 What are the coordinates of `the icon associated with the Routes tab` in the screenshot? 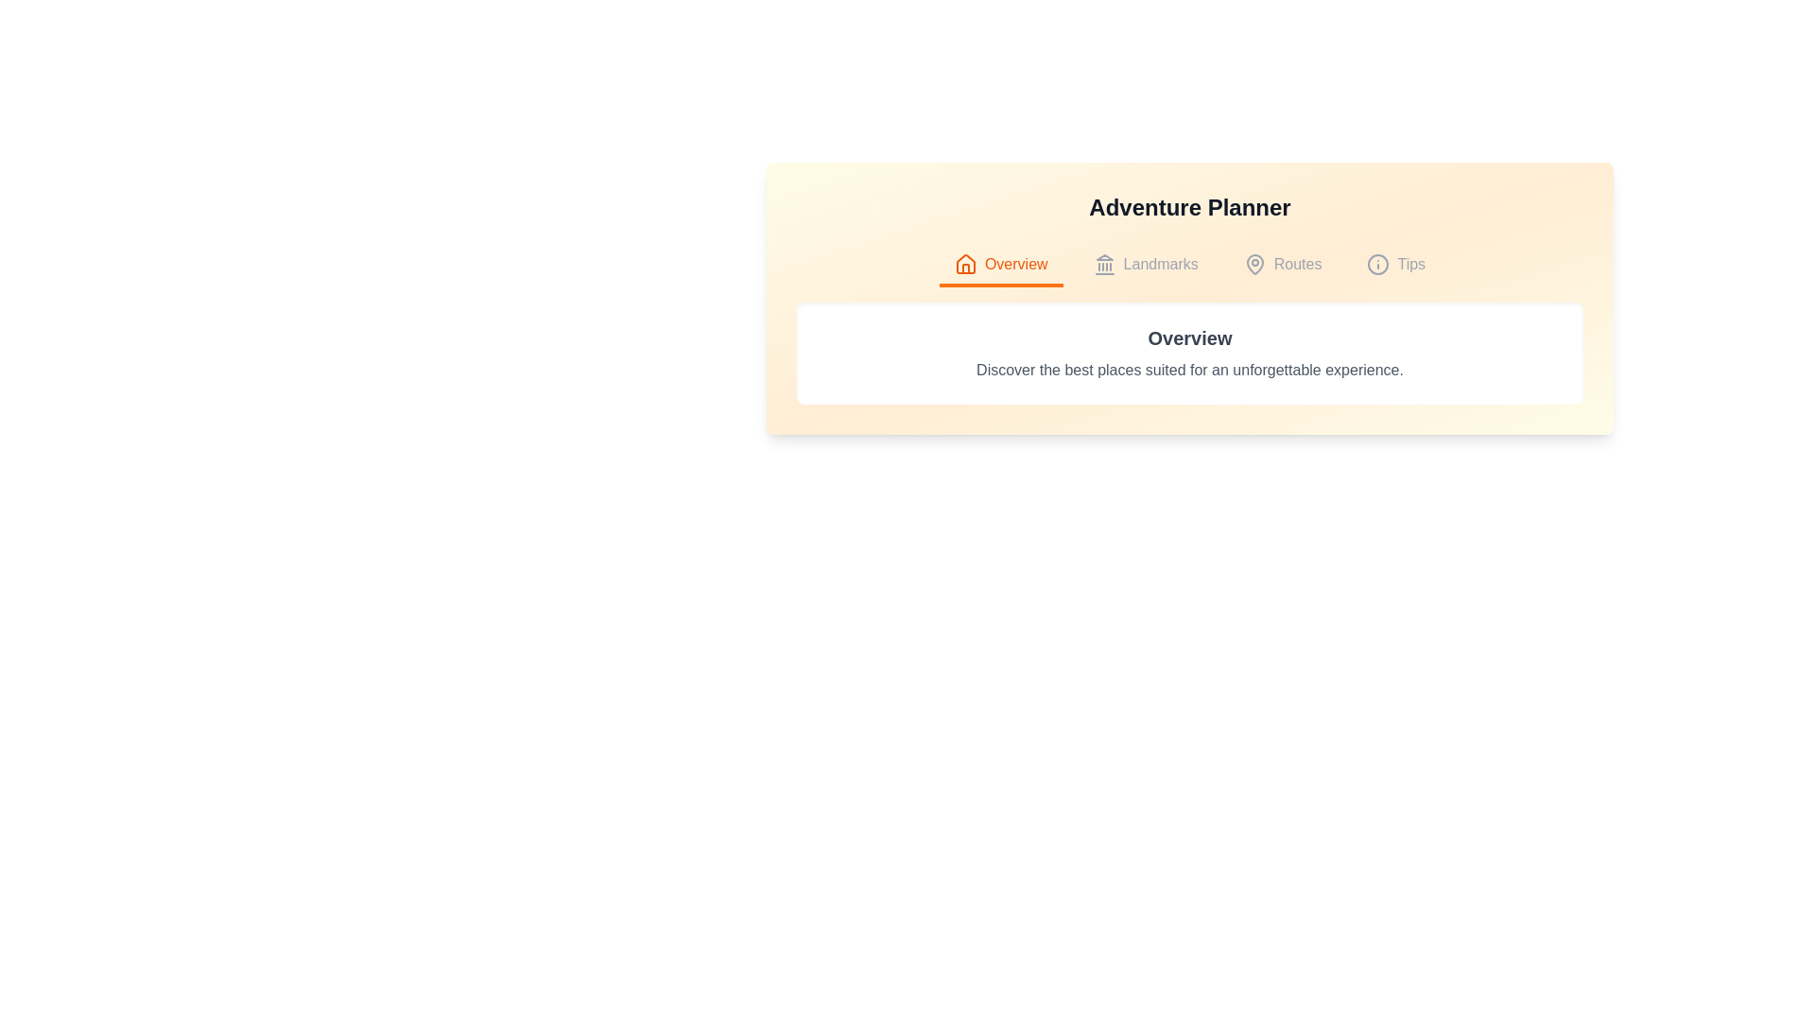 It's located at (1254, 265).